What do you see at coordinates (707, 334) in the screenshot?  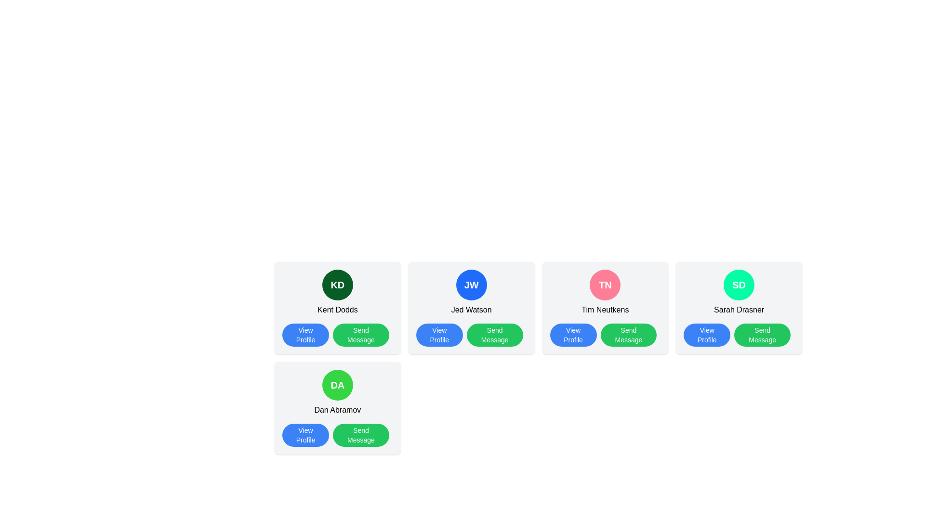 I see `the button that allows users` at bounding box center [707, 334].